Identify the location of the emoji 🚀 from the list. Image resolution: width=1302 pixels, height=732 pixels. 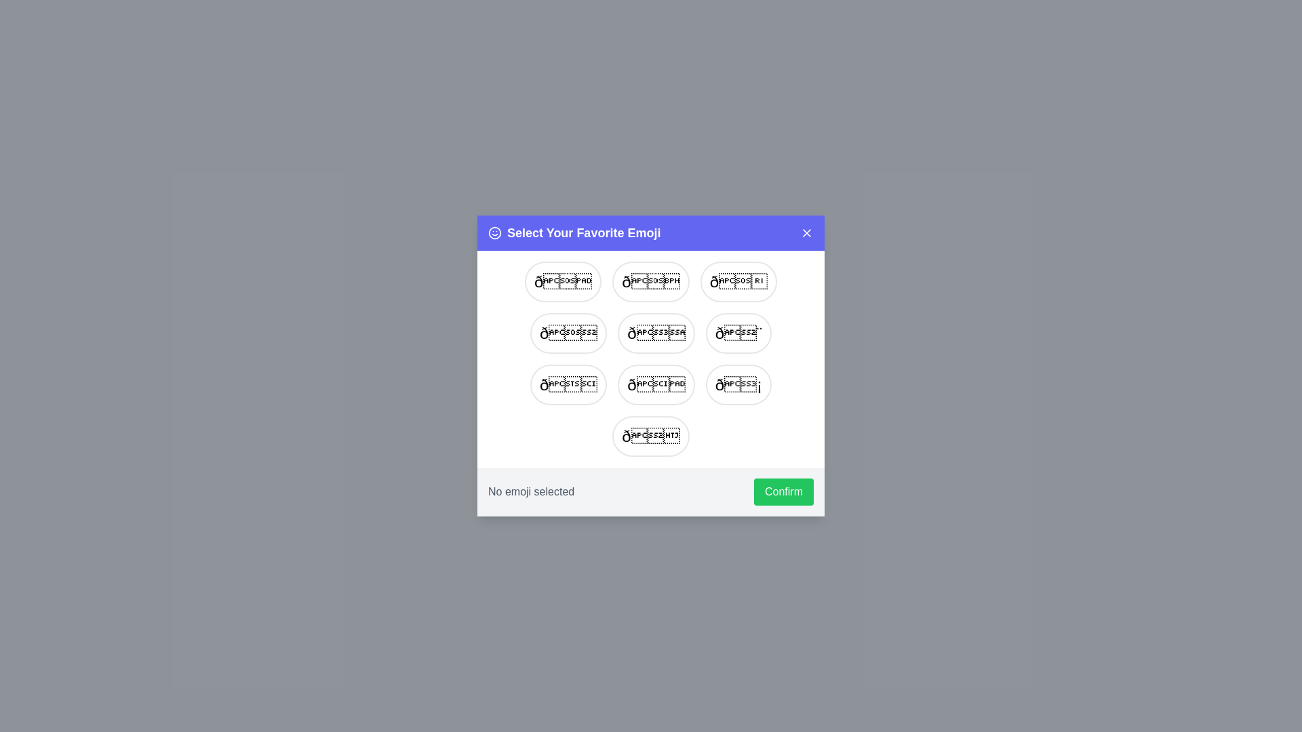
(656, 384).